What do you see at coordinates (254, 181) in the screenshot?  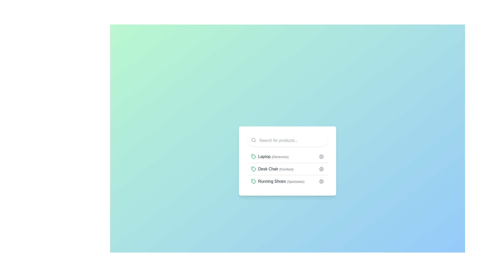 I see `the small green tag icon located to the left of the text 'Running Shoes (Sportswear)' in the bottom row of the vertical list of items` at bounding box center [254, 181].